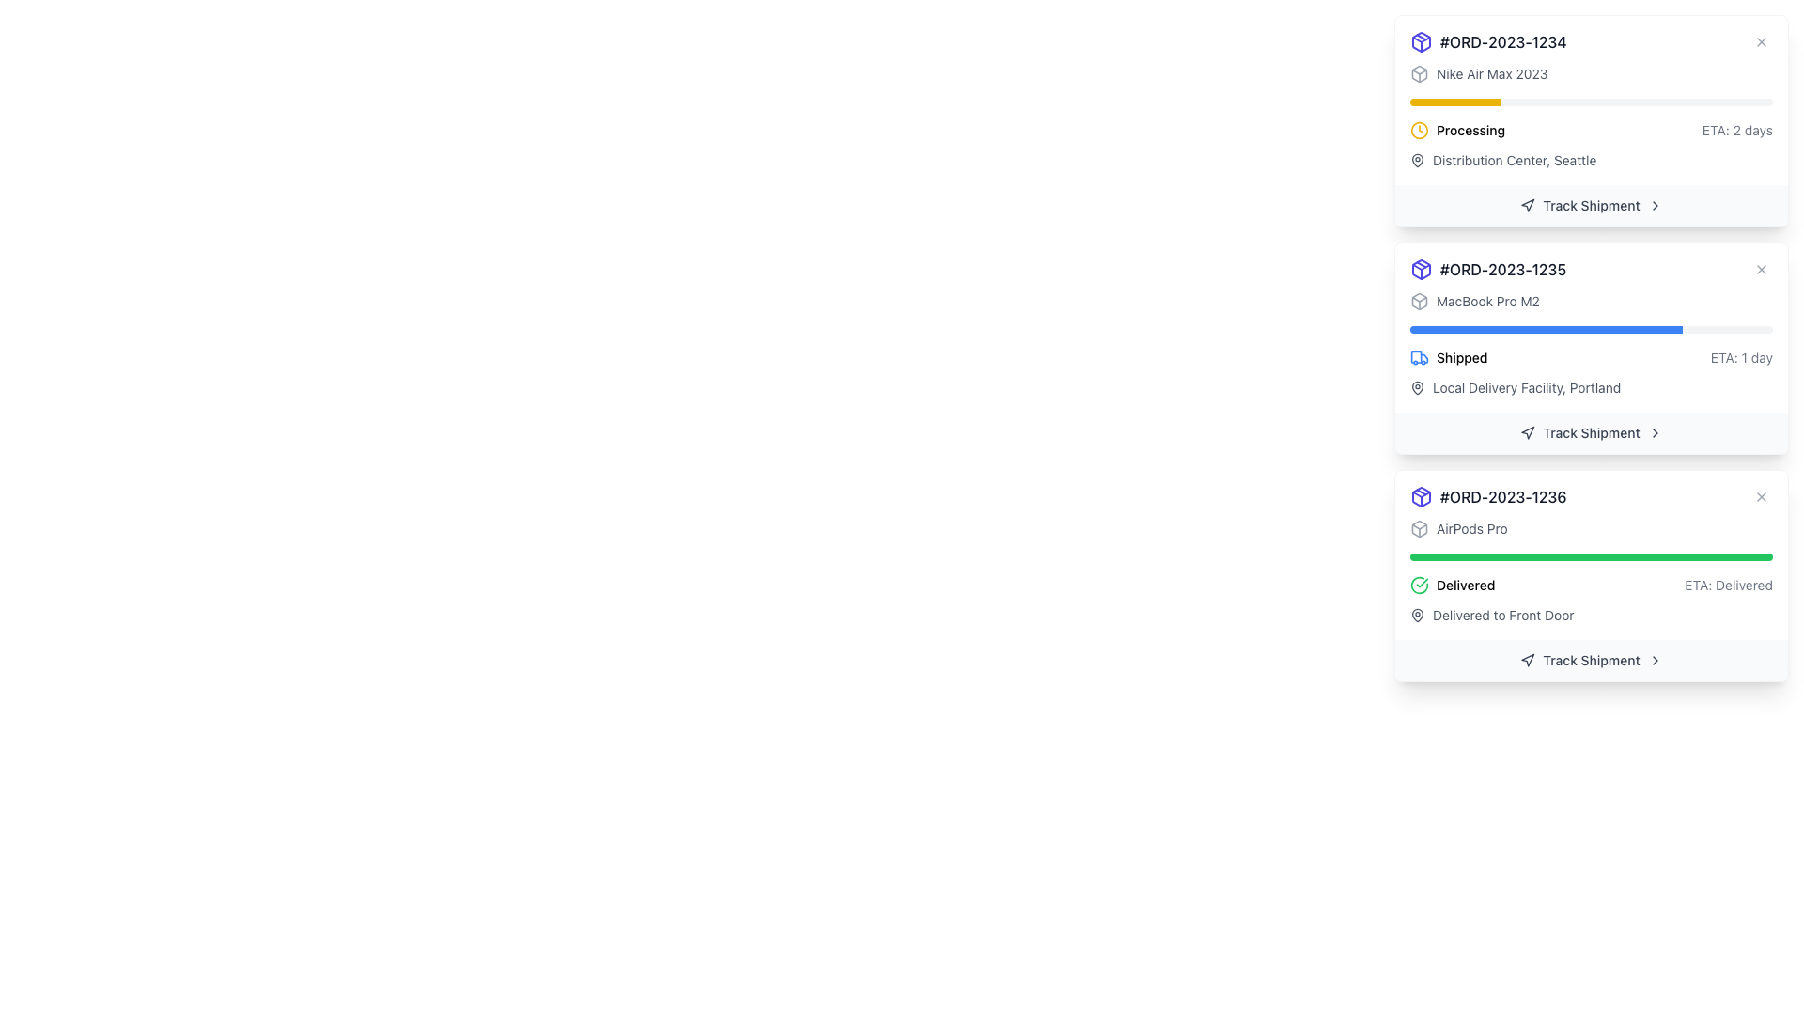 The height and width of the screenshot is (1015, 1804). Describe the element at coordinates (1420, 358) in the screenshot. I see `the shipping status icon indicating that the package is in the 'Shipped' phase, located to the left of the text 'Shipped' in the status section for order '#ORD-2023-1235'` at that location.